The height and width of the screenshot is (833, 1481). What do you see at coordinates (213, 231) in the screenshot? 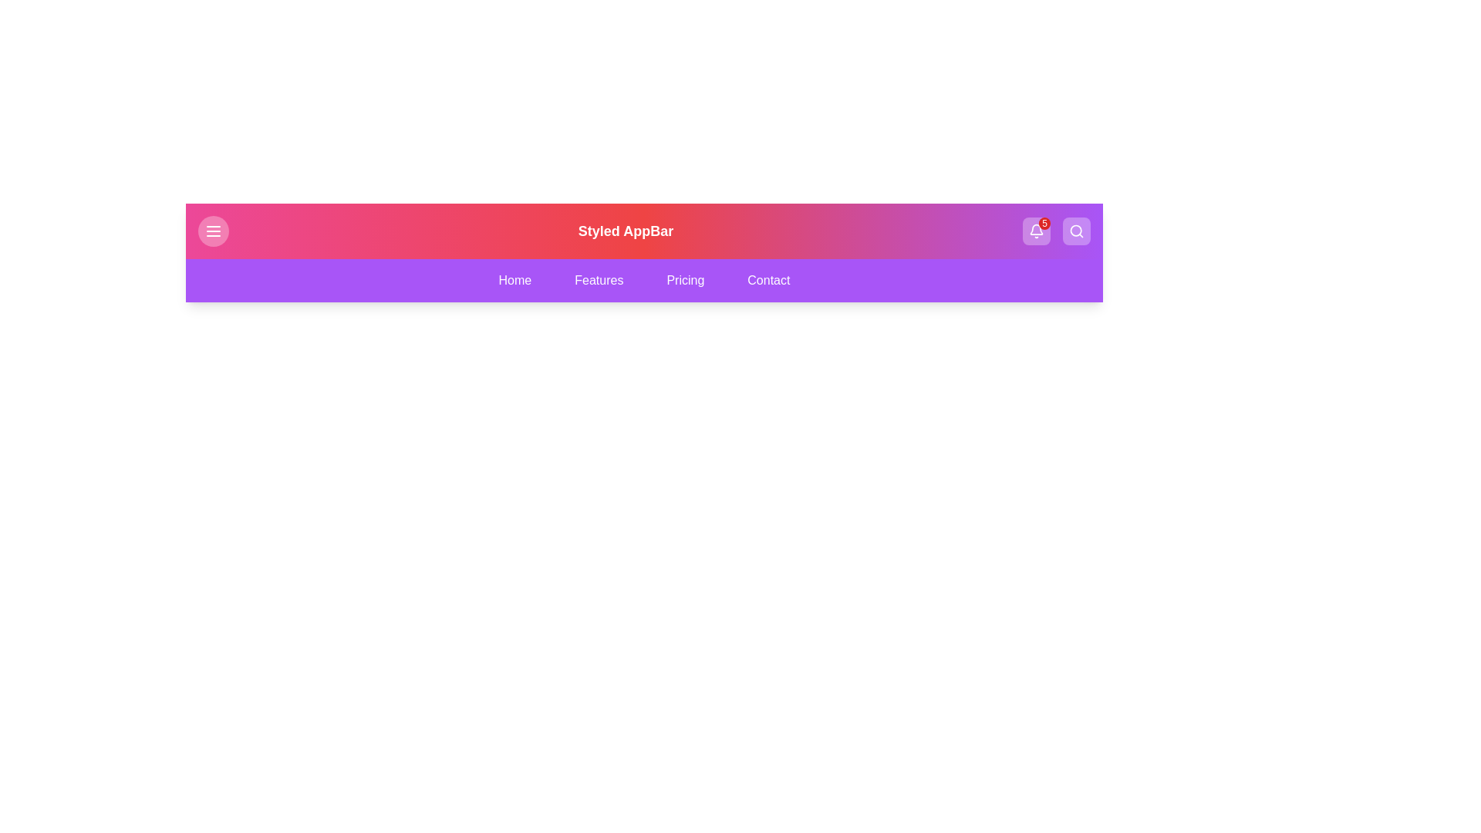
I see `menu button located at the top-left corner of the StyledAppBar component` at bounding box center [213, 231].